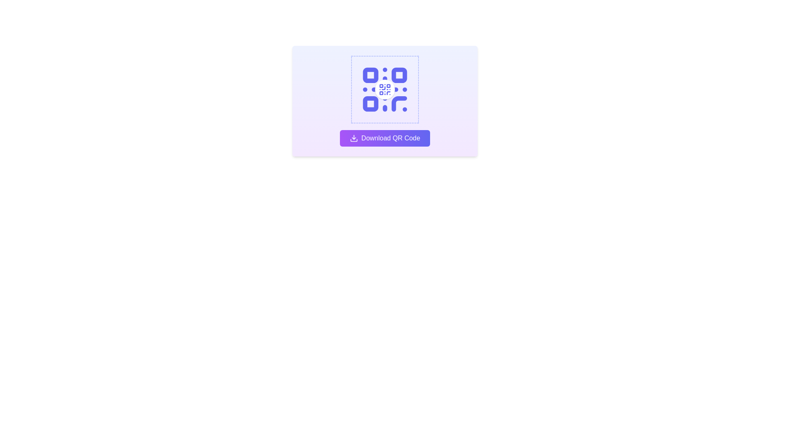 The width and height of the screenshot is (794, 446). I want to click on the pivotal icon in the center of the QR code representation, which is visually significant and centrally aligned within a dotted border, so click(385, 89).